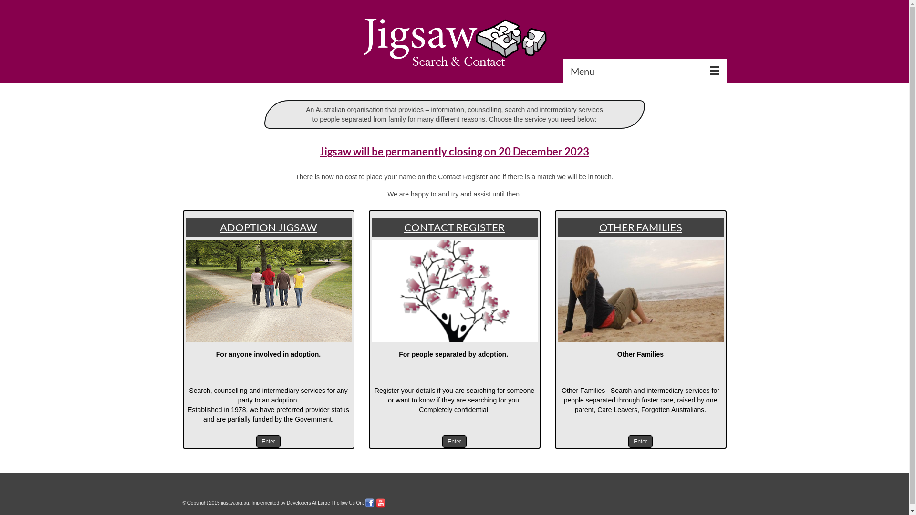 Image resolution: width=916 pixels, height=515 pixels. Describe the element at coordinates (454, 41) in the screenshot. I see `'Jigsaw'` at that location.